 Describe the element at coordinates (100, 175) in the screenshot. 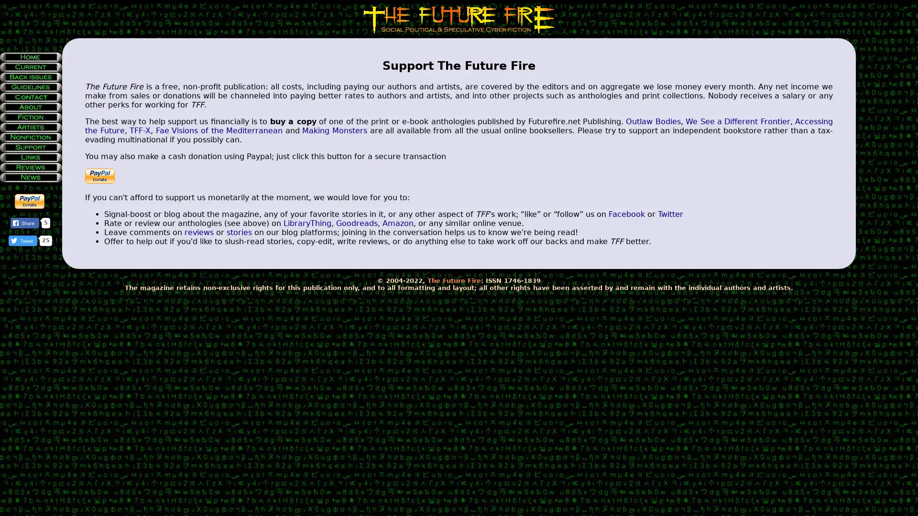

I see `Make payments with PayPal - it's fast, free and secure!` at that location.